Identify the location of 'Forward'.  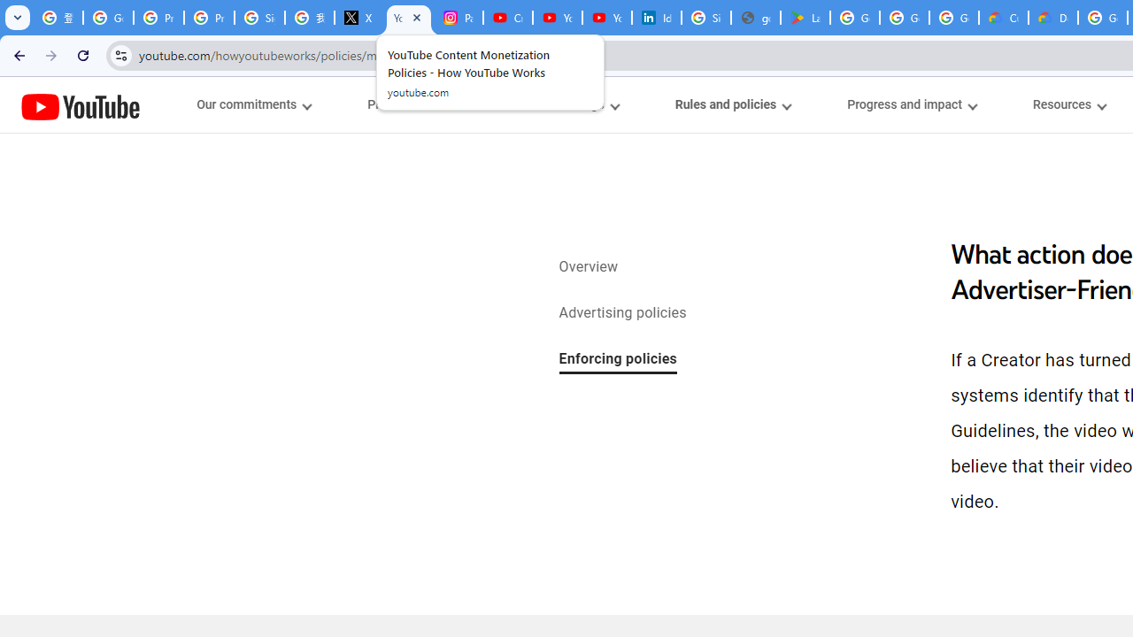
(51, 54).